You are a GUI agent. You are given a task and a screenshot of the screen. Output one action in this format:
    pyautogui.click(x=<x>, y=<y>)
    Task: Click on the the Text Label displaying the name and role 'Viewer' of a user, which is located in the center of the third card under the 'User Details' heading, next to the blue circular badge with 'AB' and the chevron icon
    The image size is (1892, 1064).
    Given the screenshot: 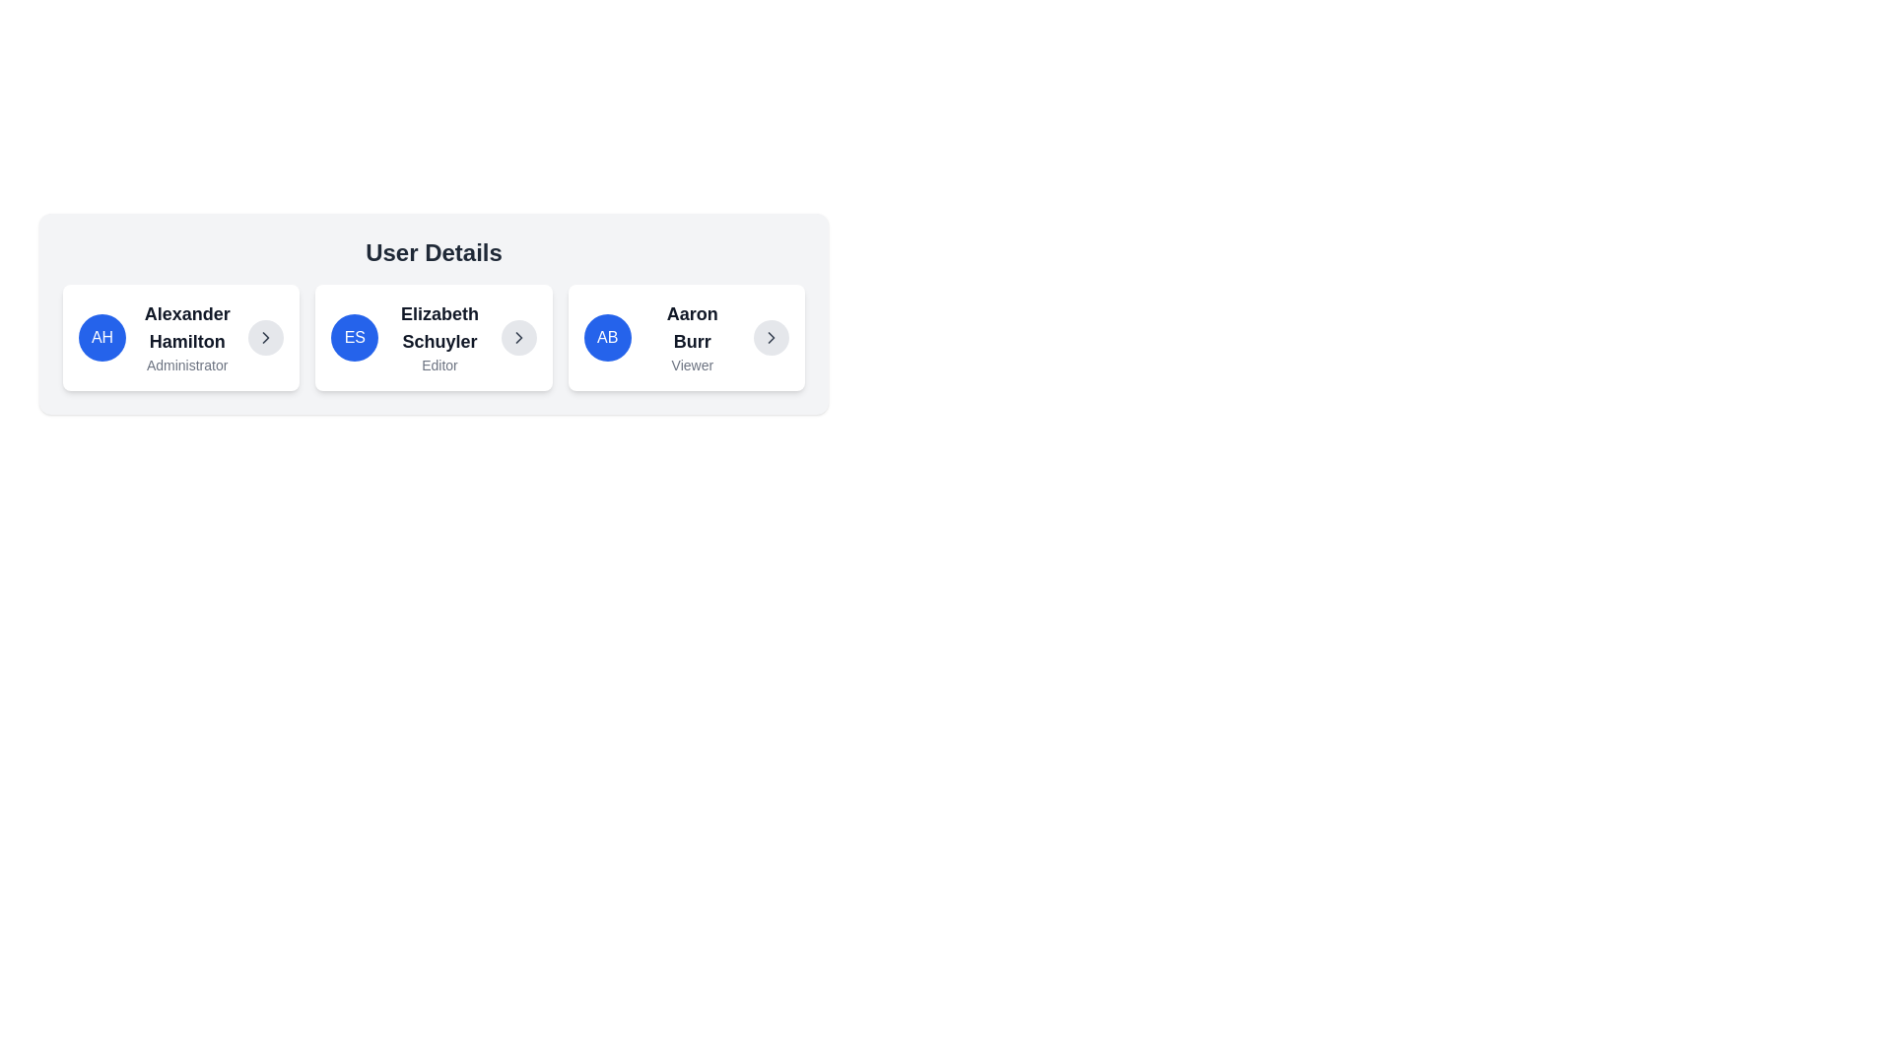 What is the action you would take?
    pyautogui.click(x=692, y=337)
    